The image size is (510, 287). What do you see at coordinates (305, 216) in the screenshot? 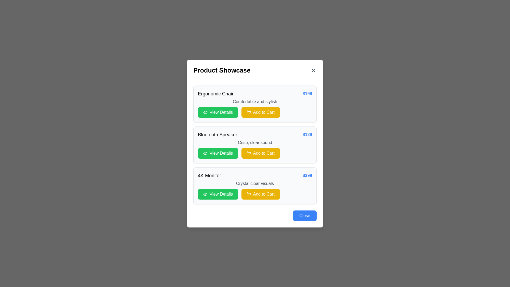
I see `the 'Close' button located in the bottom-right corner of the modal dialog box` at bounding box center [305, 216].